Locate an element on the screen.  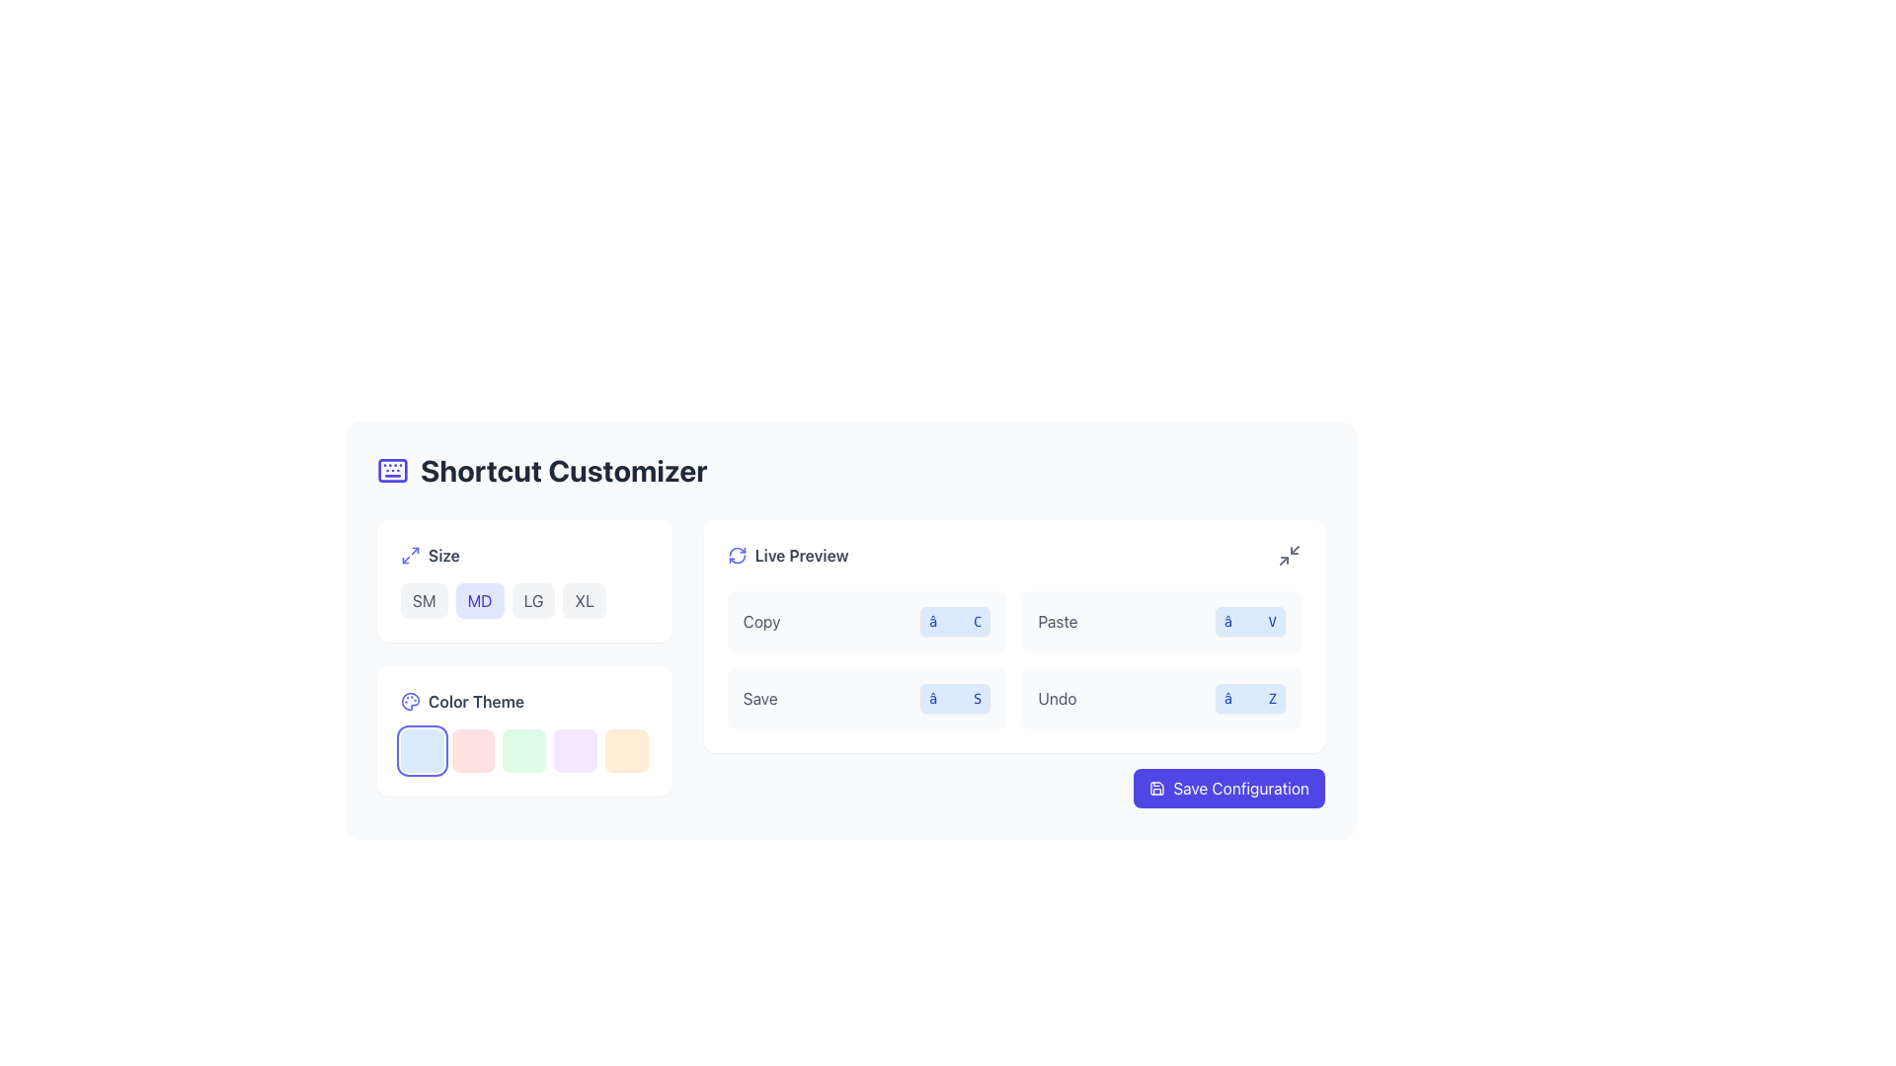
the composite element combining an icon and textual label in the top-right corner of the interface is located at coordinates (787, 556).